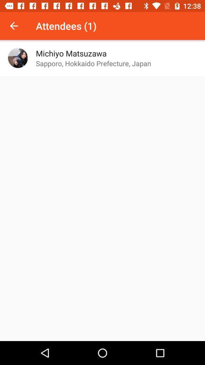 The height and width of the screenshot is (365, 205). Describe the element at coordinates (14, 26) in the screenshot. I see `go back` at that location.